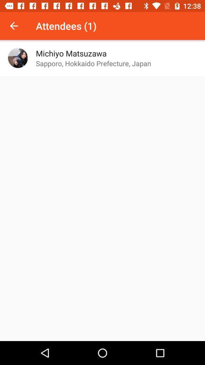 The height and width of the screenshot is (365, 205). Describe the element at coordinates (14, 26) in the screenshot. I see `go back` at that location.